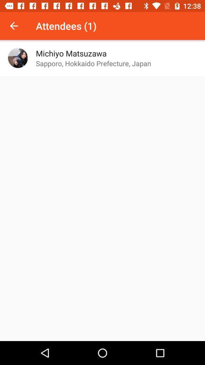 The height and width of the screenshot is (365, 205). Describe the element at coordinates (14, 26) in the screenshot. I see `go back` at that location.